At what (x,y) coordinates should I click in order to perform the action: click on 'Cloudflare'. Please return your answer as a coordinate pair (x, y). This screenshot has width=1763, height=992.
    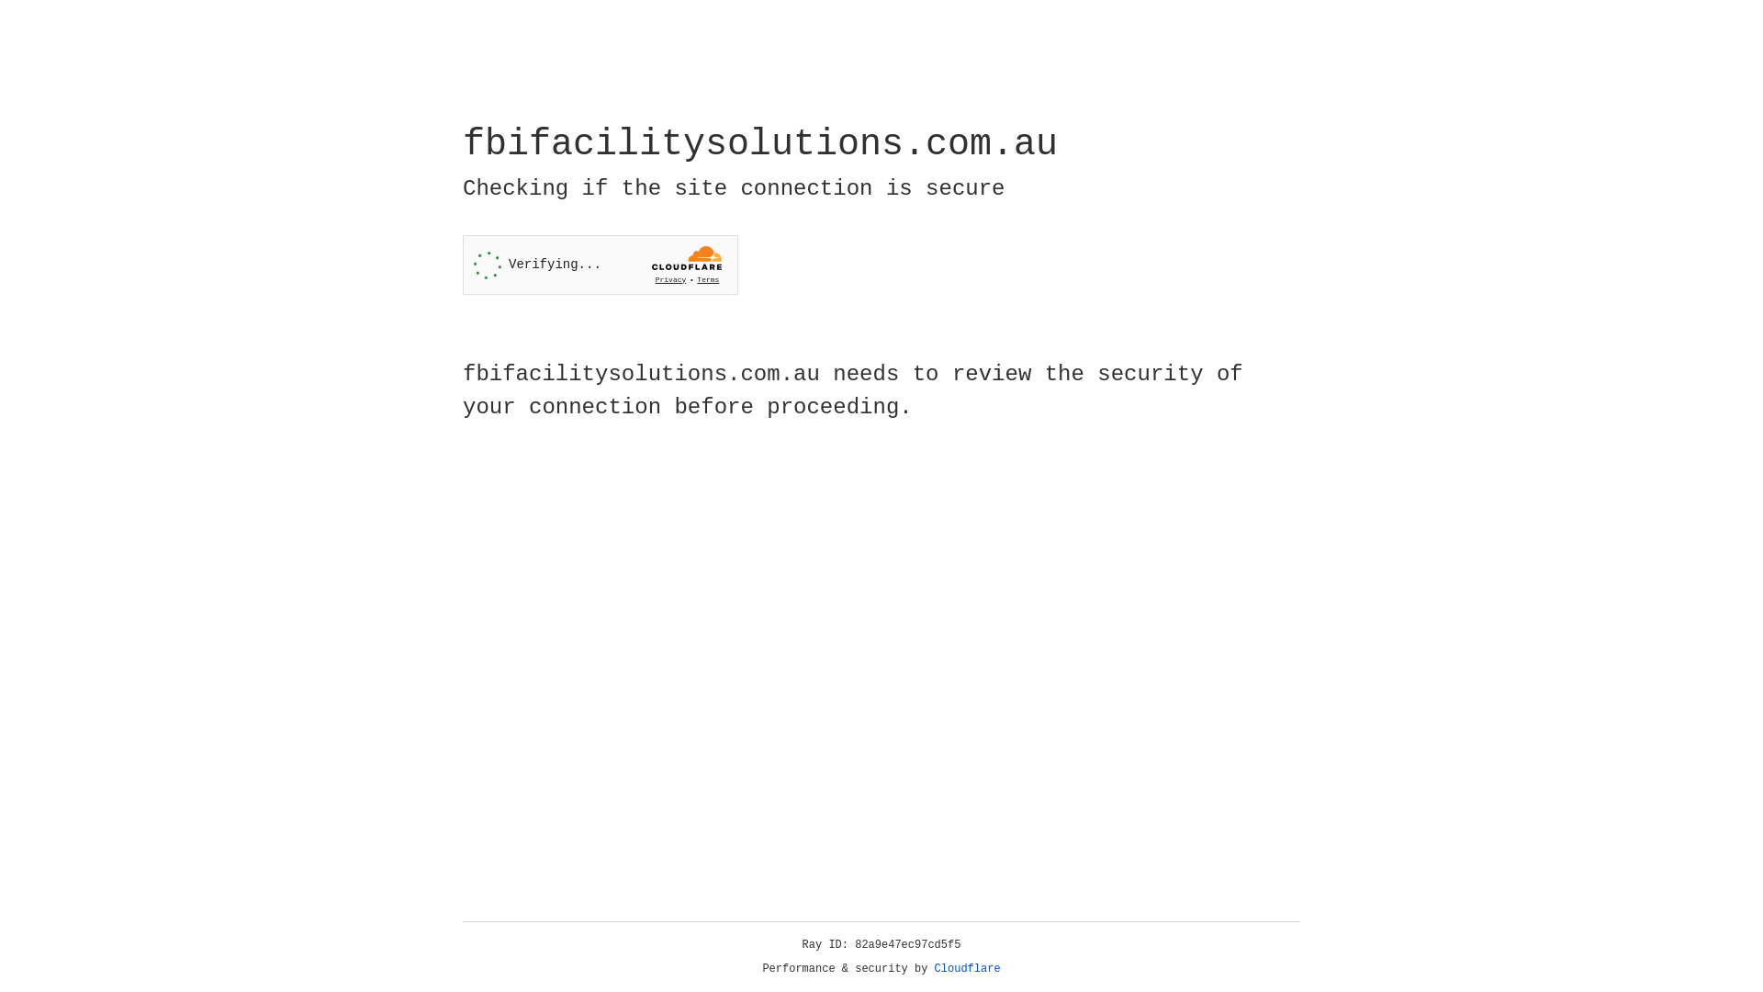
    Looking at the image, I should click on (967, 968).